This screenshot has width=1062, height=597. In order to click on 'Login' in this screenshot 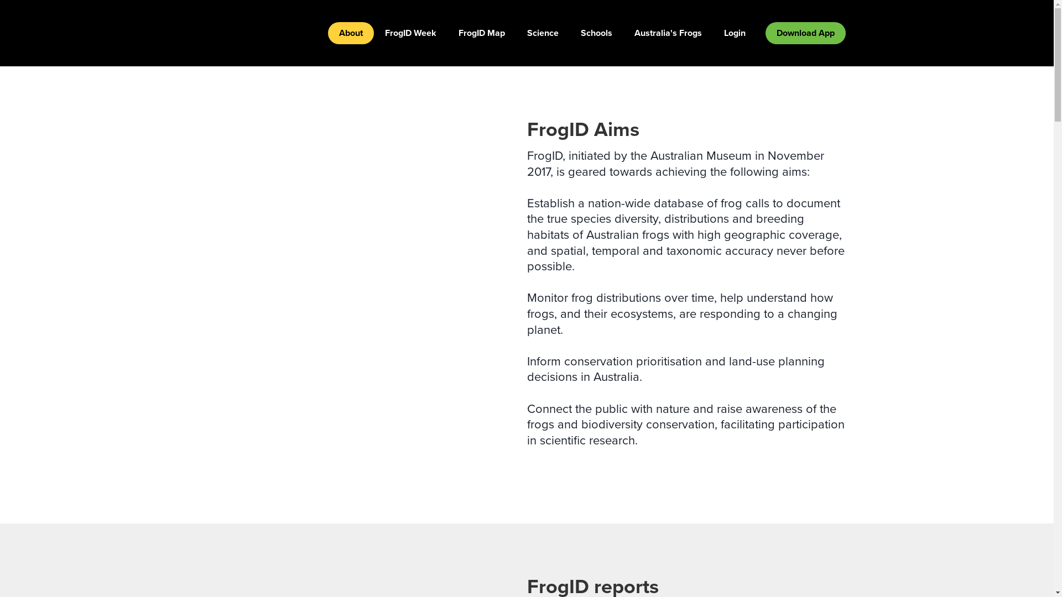, I will do `click(712, 32)`.